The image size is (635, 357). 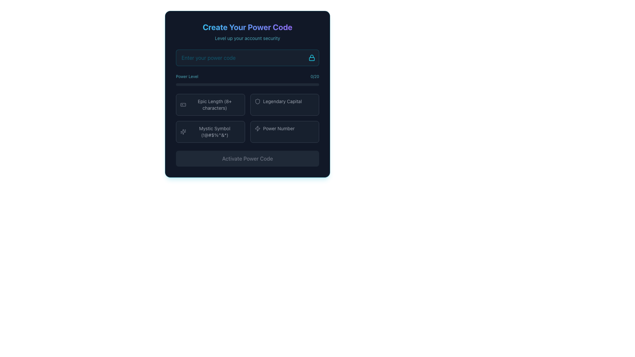 I want to click on the static text label displaying 'Legendary Capital', which is styled in a small-sized grayish font and located right-aligned next to a shield-like icon, so click(x=282, y=101).